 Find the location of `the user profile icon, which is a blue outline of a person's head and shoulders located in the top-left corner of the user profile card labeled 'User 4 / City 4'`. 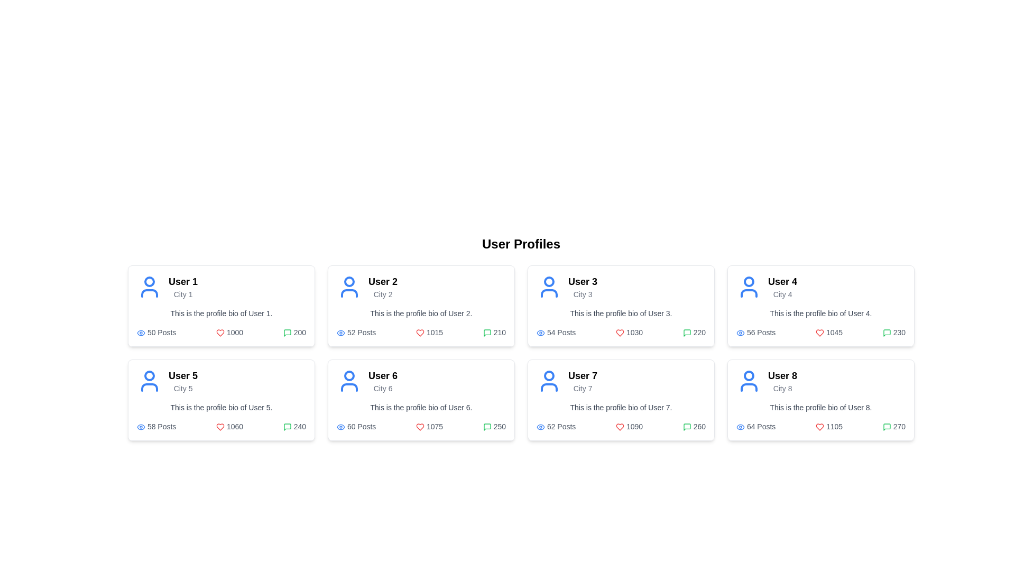

the user profile icon, which is a blue outline of a person's head and shoulders located in the top-left corner of the user profile card labeled 'User 4 / City 4' is located at coordinates (748, 287).